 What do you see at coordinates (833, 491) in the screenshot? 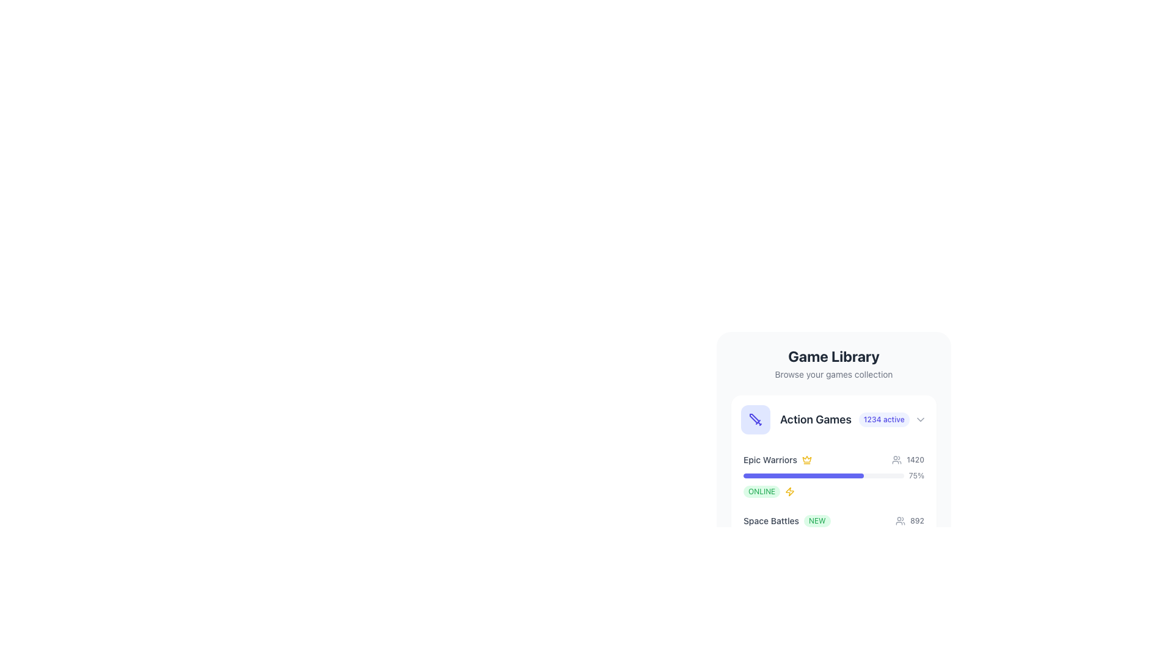
I see `the Status indicator with a badge and icon located in the 'Epic Warriors' section of the game library, which shows 'ONLINE' and is positioned below the progress bar and above 'Space Battles'` at bounding box center [833, 491].